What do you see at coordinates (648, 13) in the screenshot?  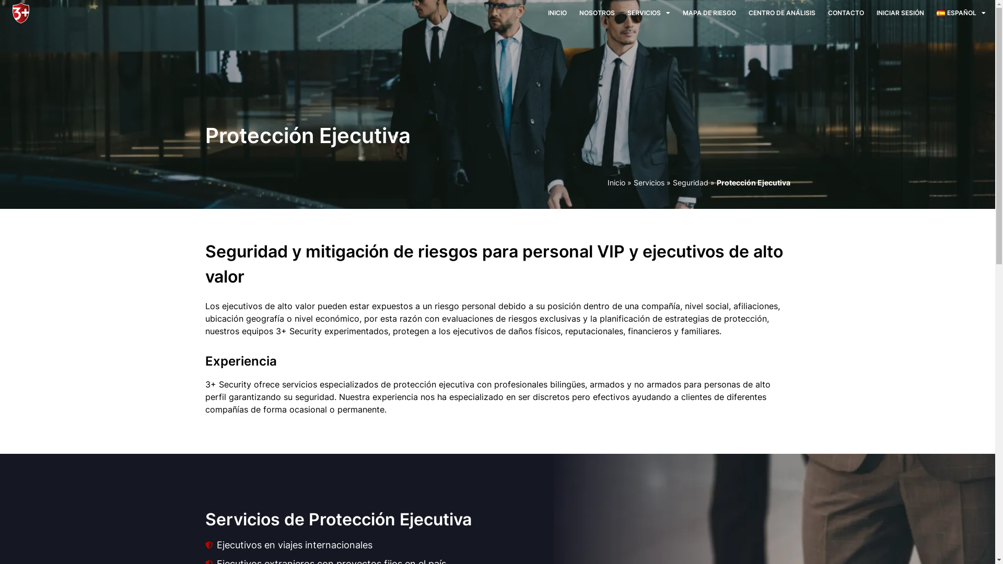 I see `'SERVICIOS'` at bounding box center [648, 13].